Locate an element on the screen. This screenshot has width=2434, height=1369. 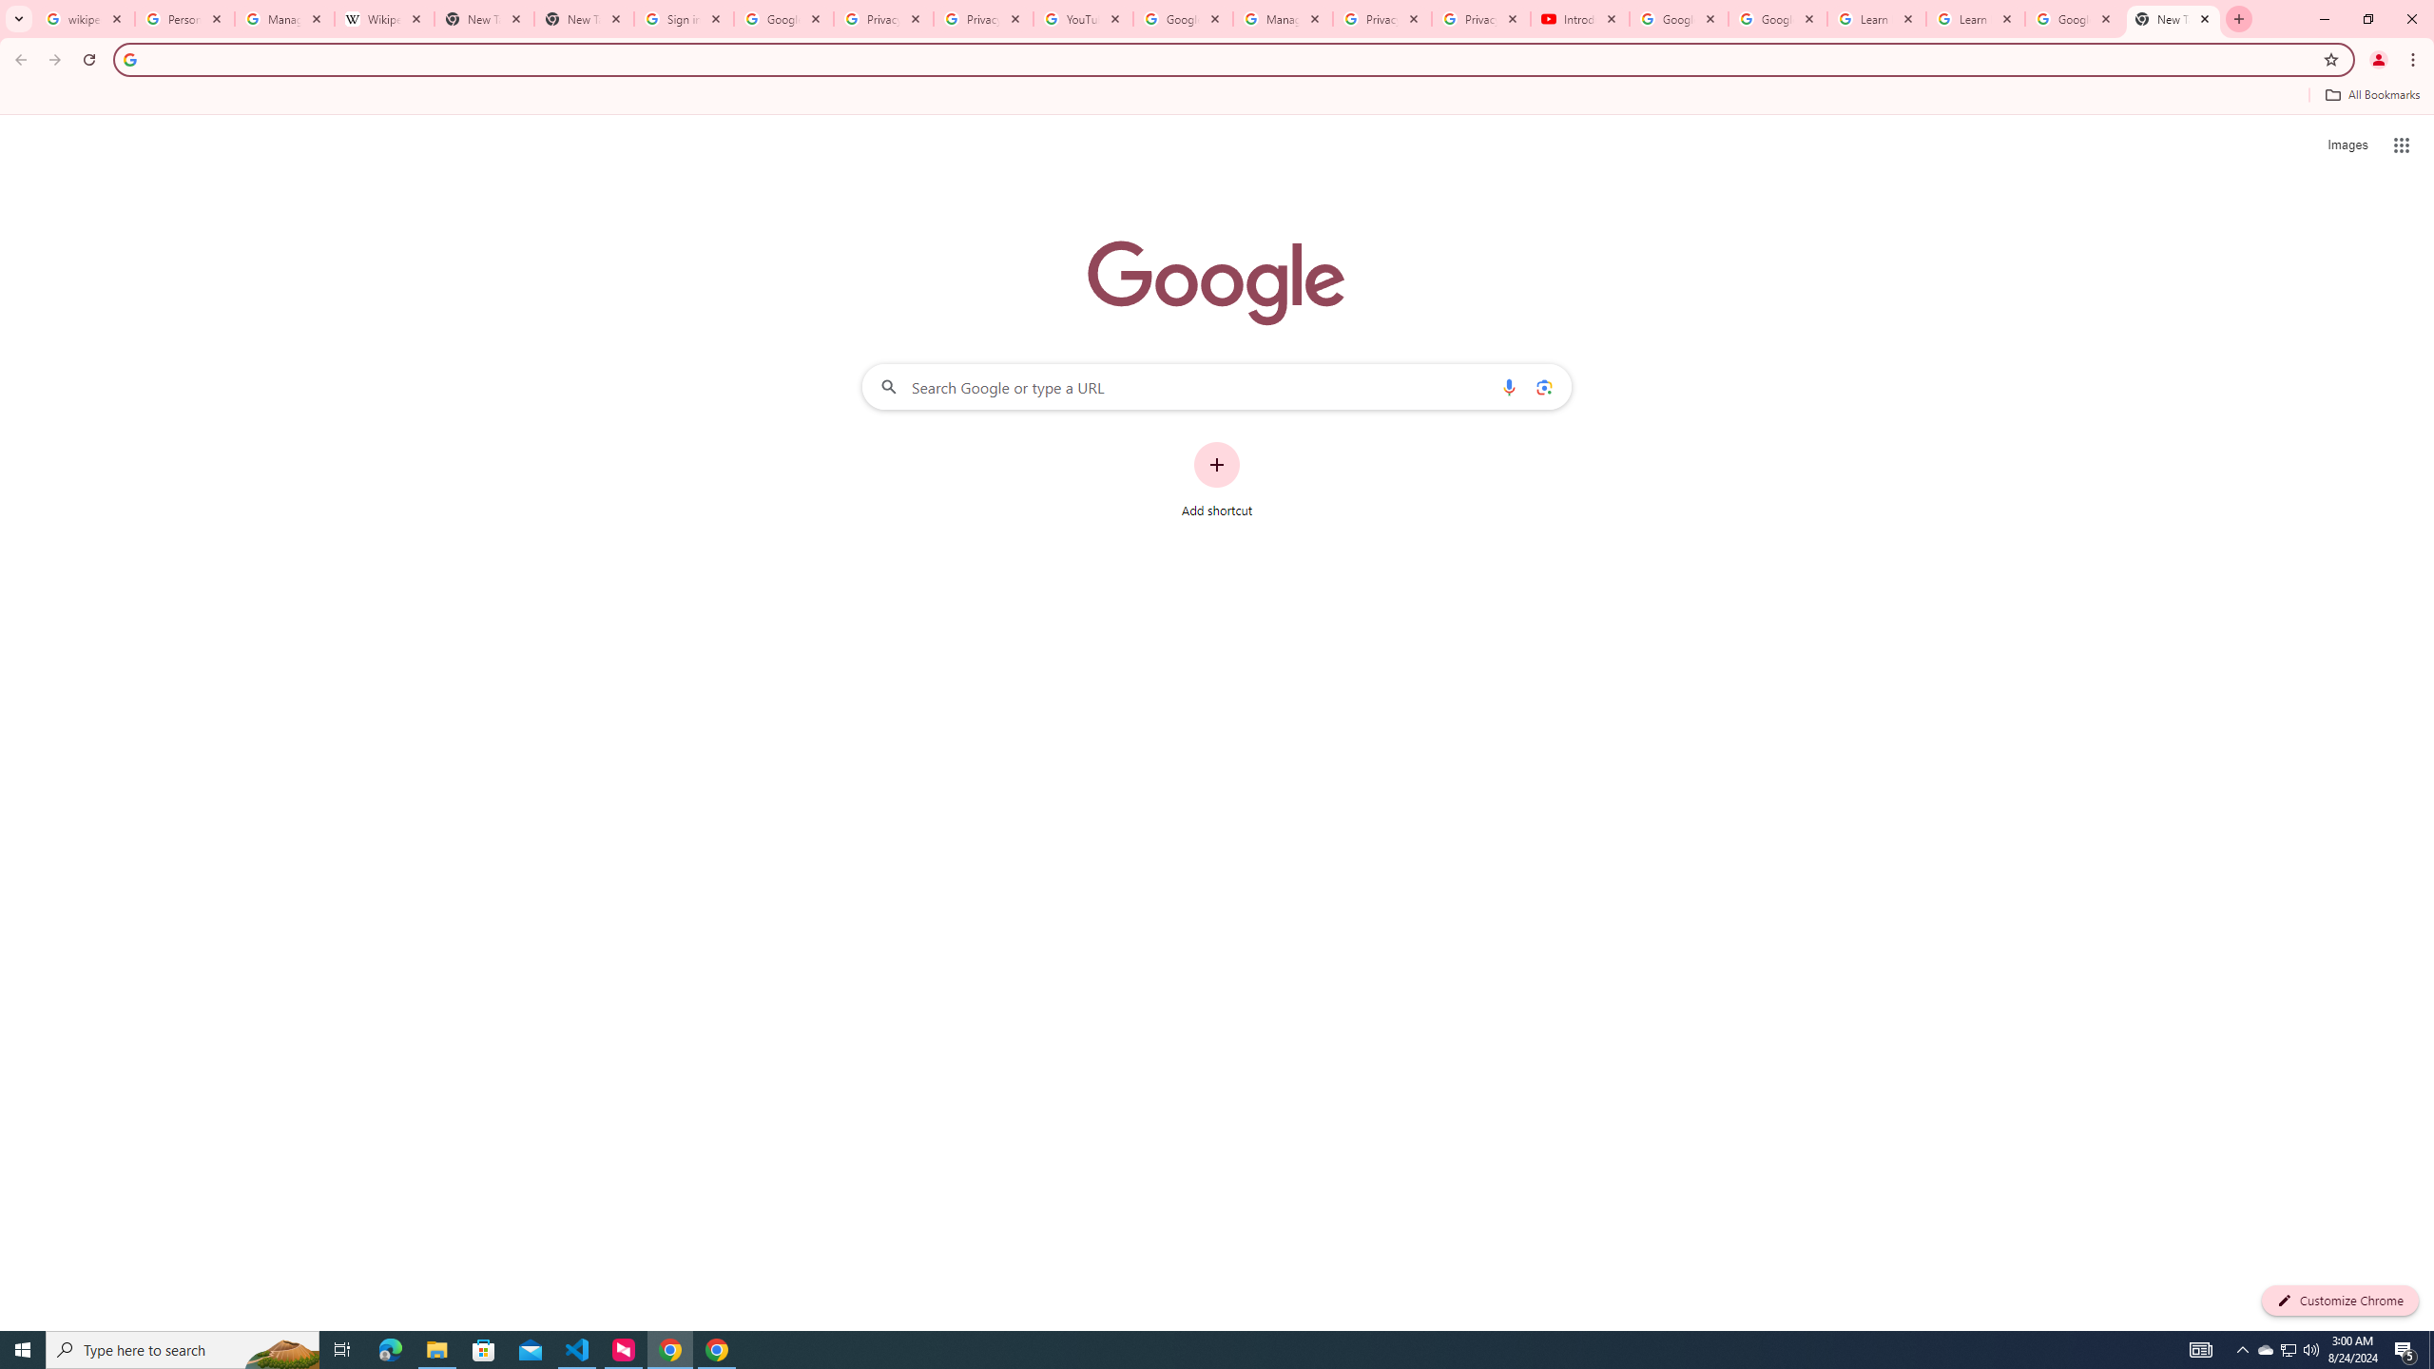
'Google Account' is located at coordinates (2074, 18).